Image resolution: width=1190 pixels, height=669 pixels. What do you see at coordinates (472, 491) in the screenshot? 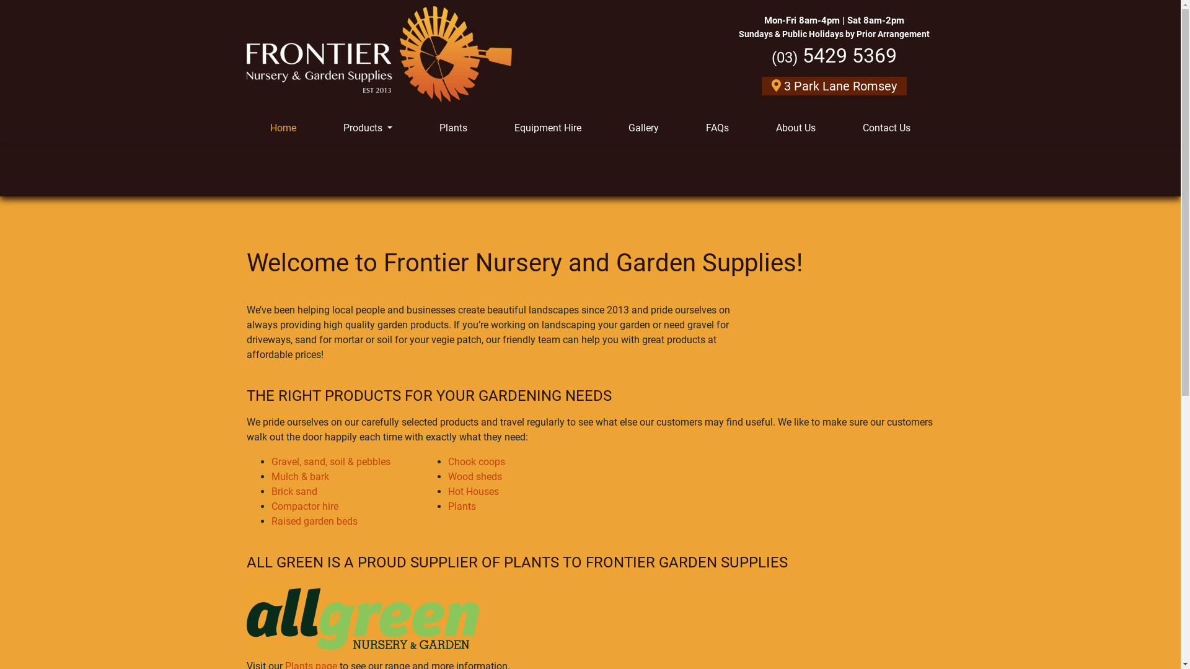
I see `'Hot Houses'` at bounding box center [472, 491].